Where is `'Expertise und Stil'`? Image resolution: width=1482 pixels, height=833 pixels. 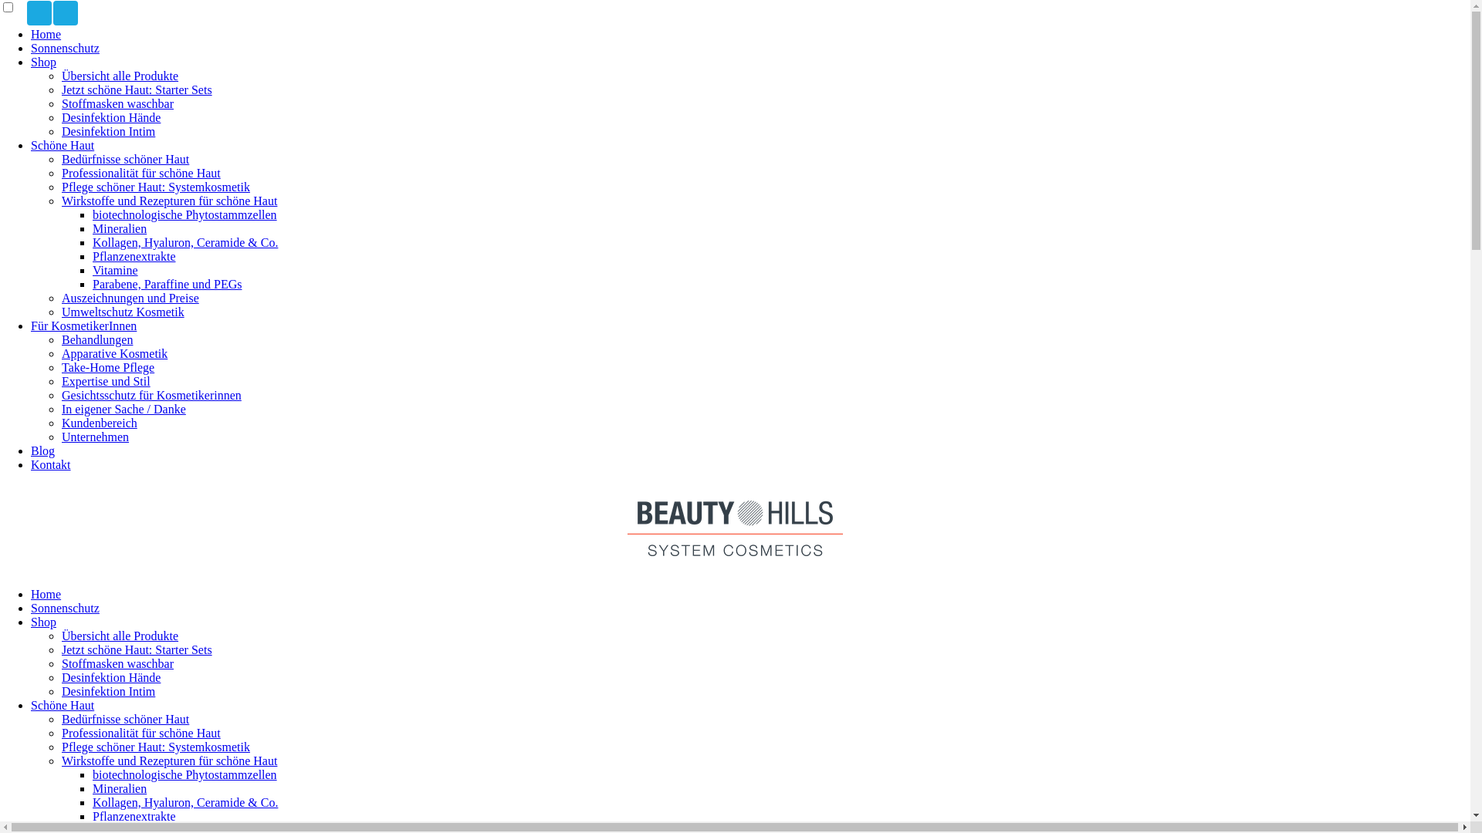
'Expertise und Stil' is located at coordinates (105, 381).